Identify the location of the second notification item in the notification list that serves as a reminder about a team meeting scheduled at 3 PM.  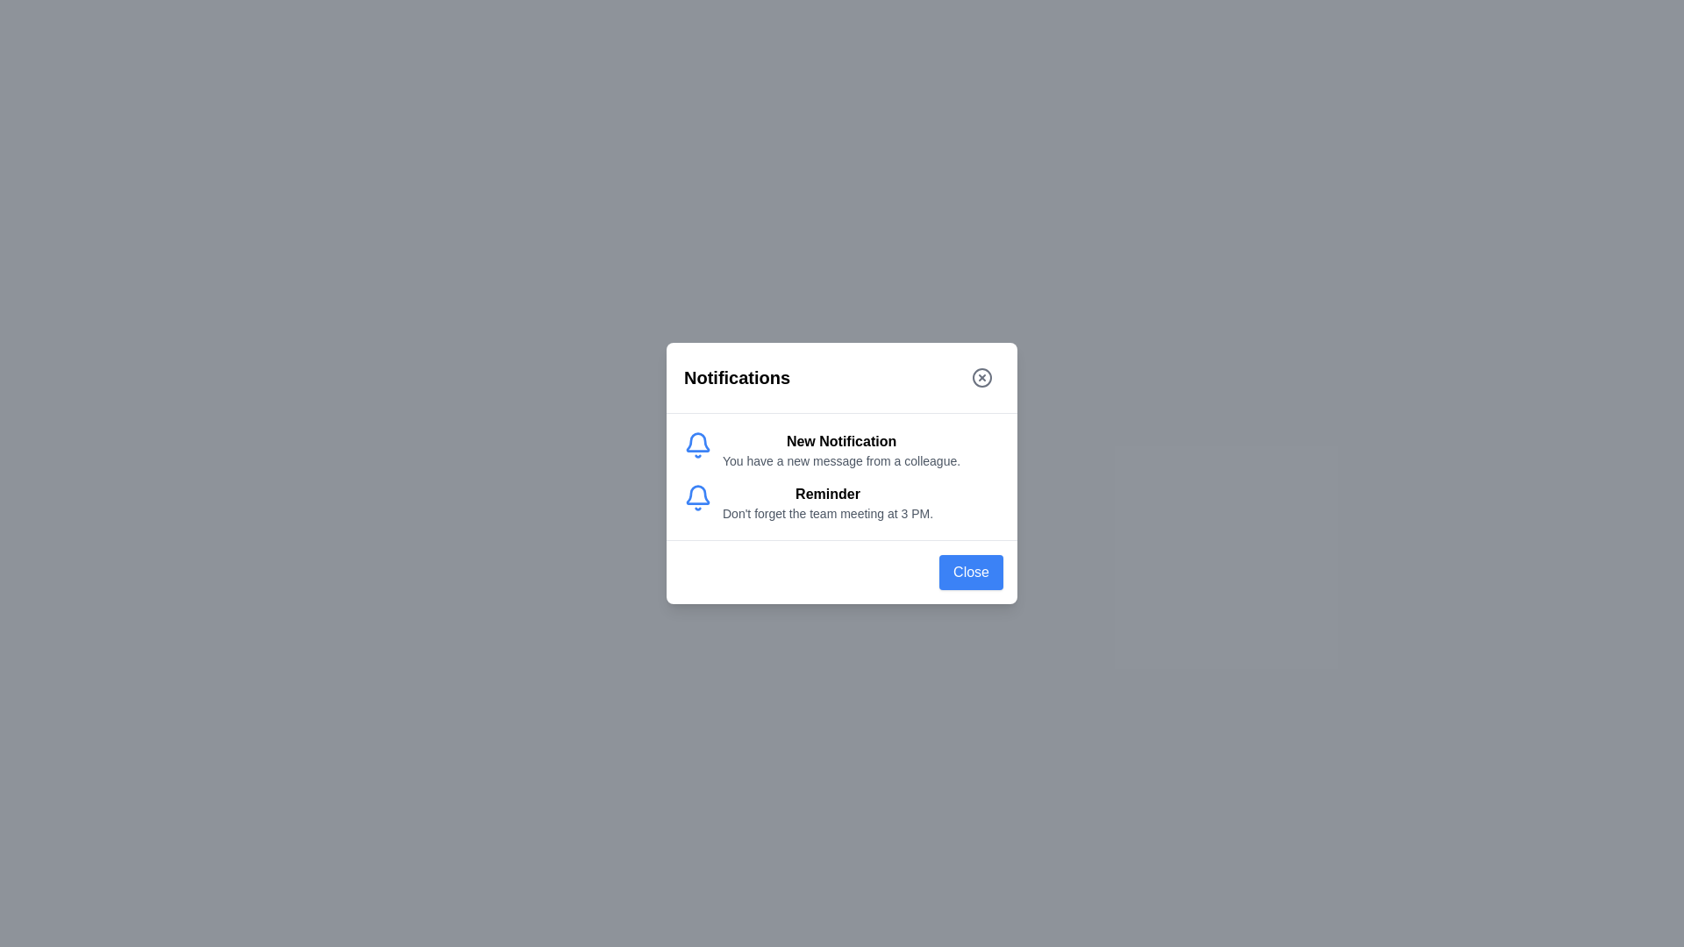
(842, 503).